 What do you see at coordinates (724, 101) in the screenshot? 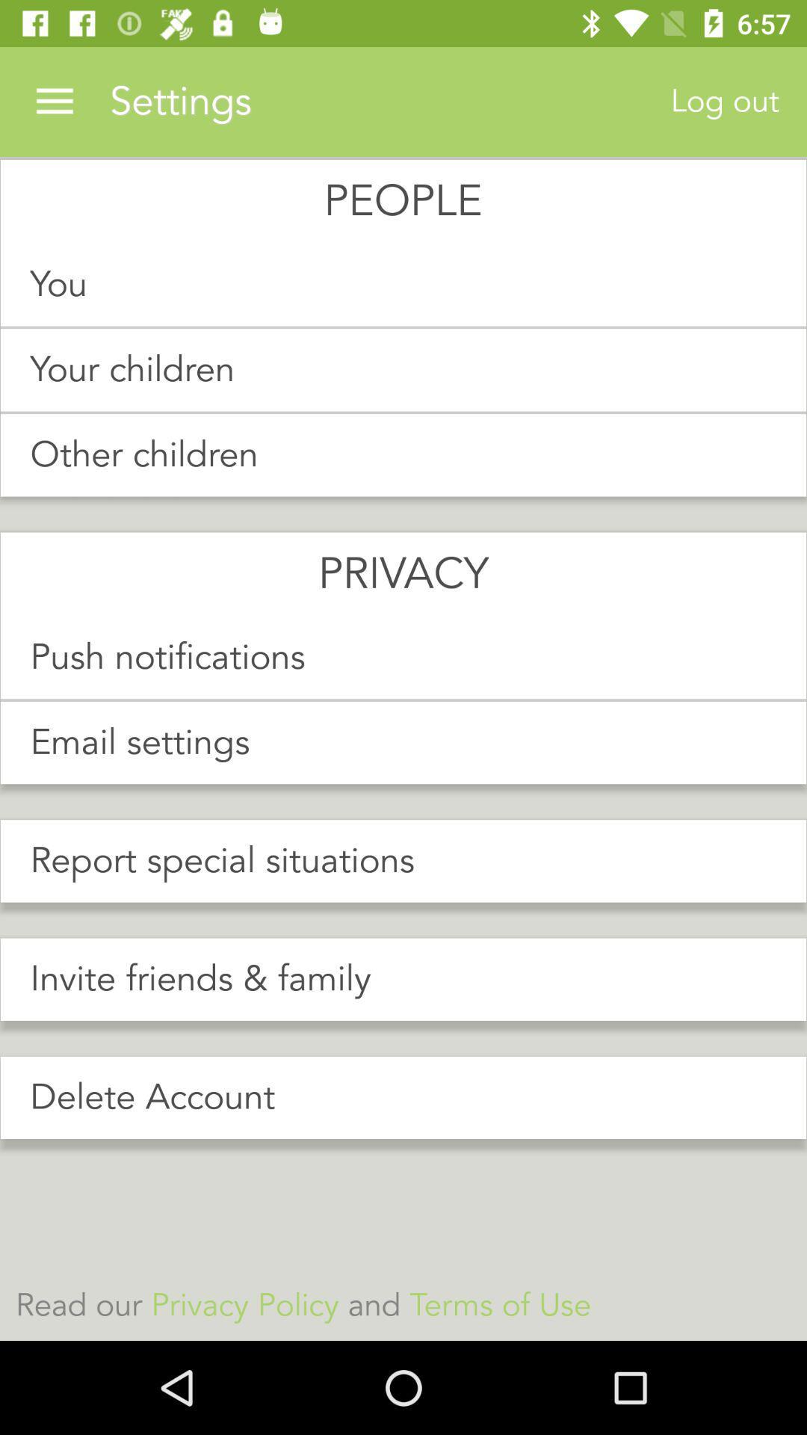
I see `log out at the top right corner` at bounding box center [724, 101].